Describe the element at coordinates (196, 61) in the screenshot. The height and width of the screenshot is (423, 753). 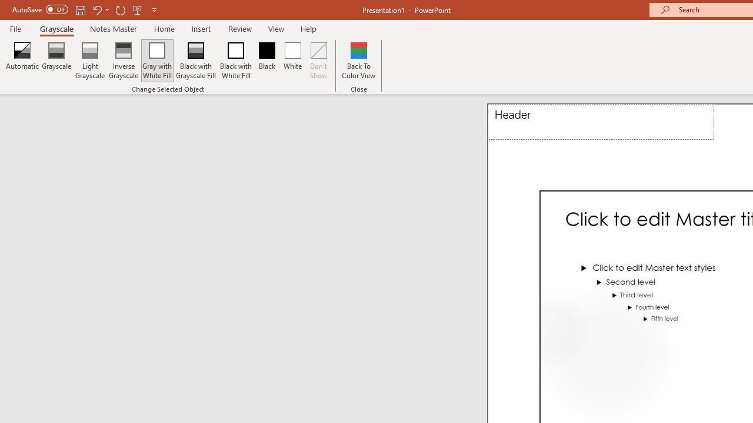
I see `'Black with Grayscale Fill'` at that location.